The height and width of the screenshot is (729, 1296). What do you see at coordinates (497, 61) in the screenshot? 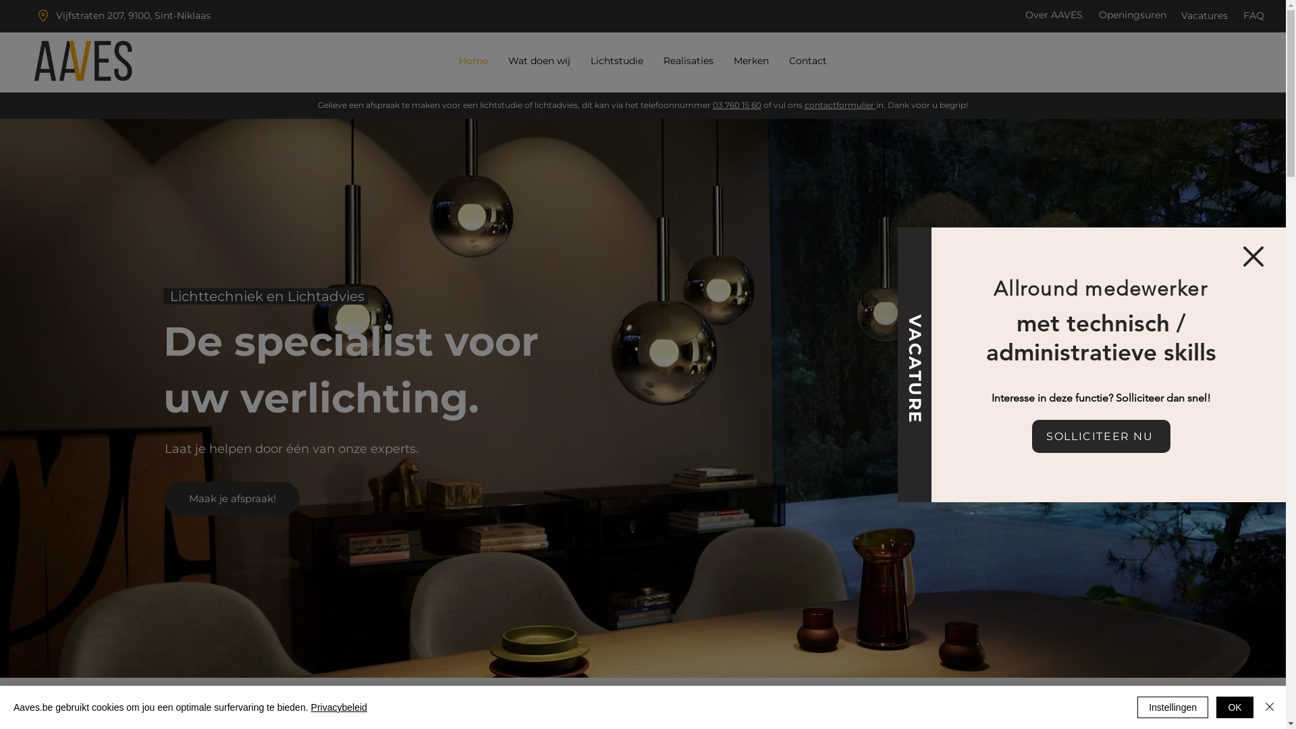
I see `'Wat doen wij'` at bounding box center [497, 61].